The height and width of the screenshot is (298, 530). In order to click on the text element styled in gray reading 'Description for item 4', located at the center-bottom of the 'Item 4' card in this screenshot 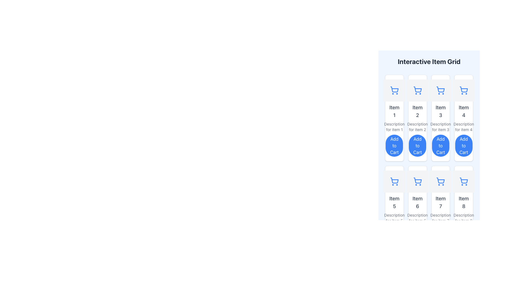, I will do `click(464, 127)`.